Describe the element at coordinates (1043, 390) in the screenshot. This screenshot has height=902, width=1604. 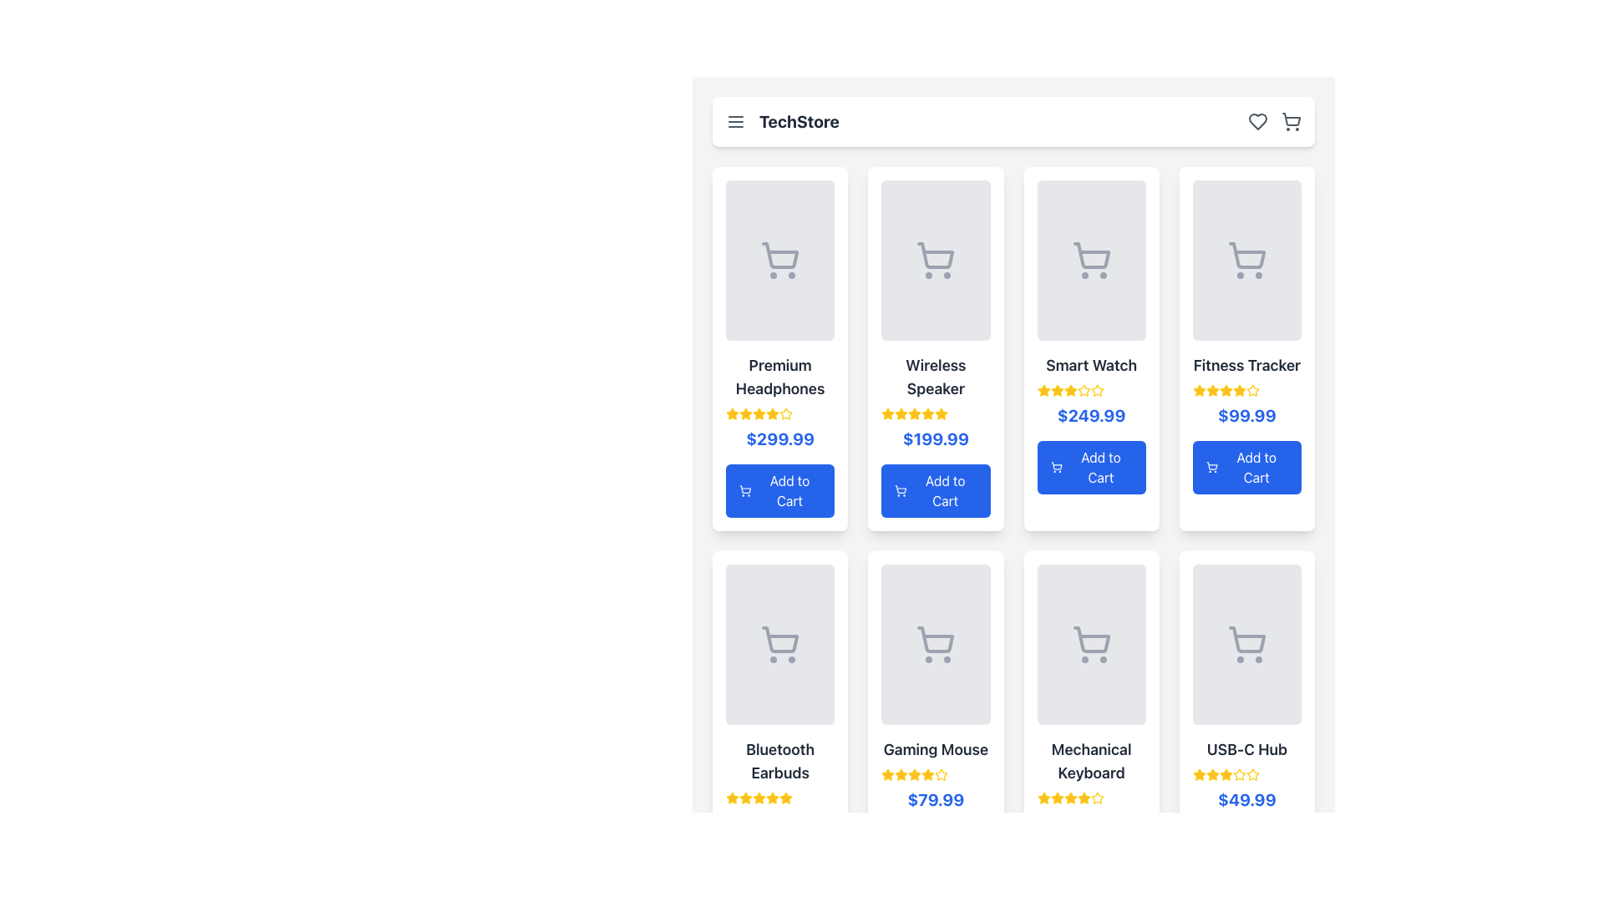
I see `the yellow filled star icon which is the first in the sequence of rating stars under the product titled 'Smart Watch'` at that location.